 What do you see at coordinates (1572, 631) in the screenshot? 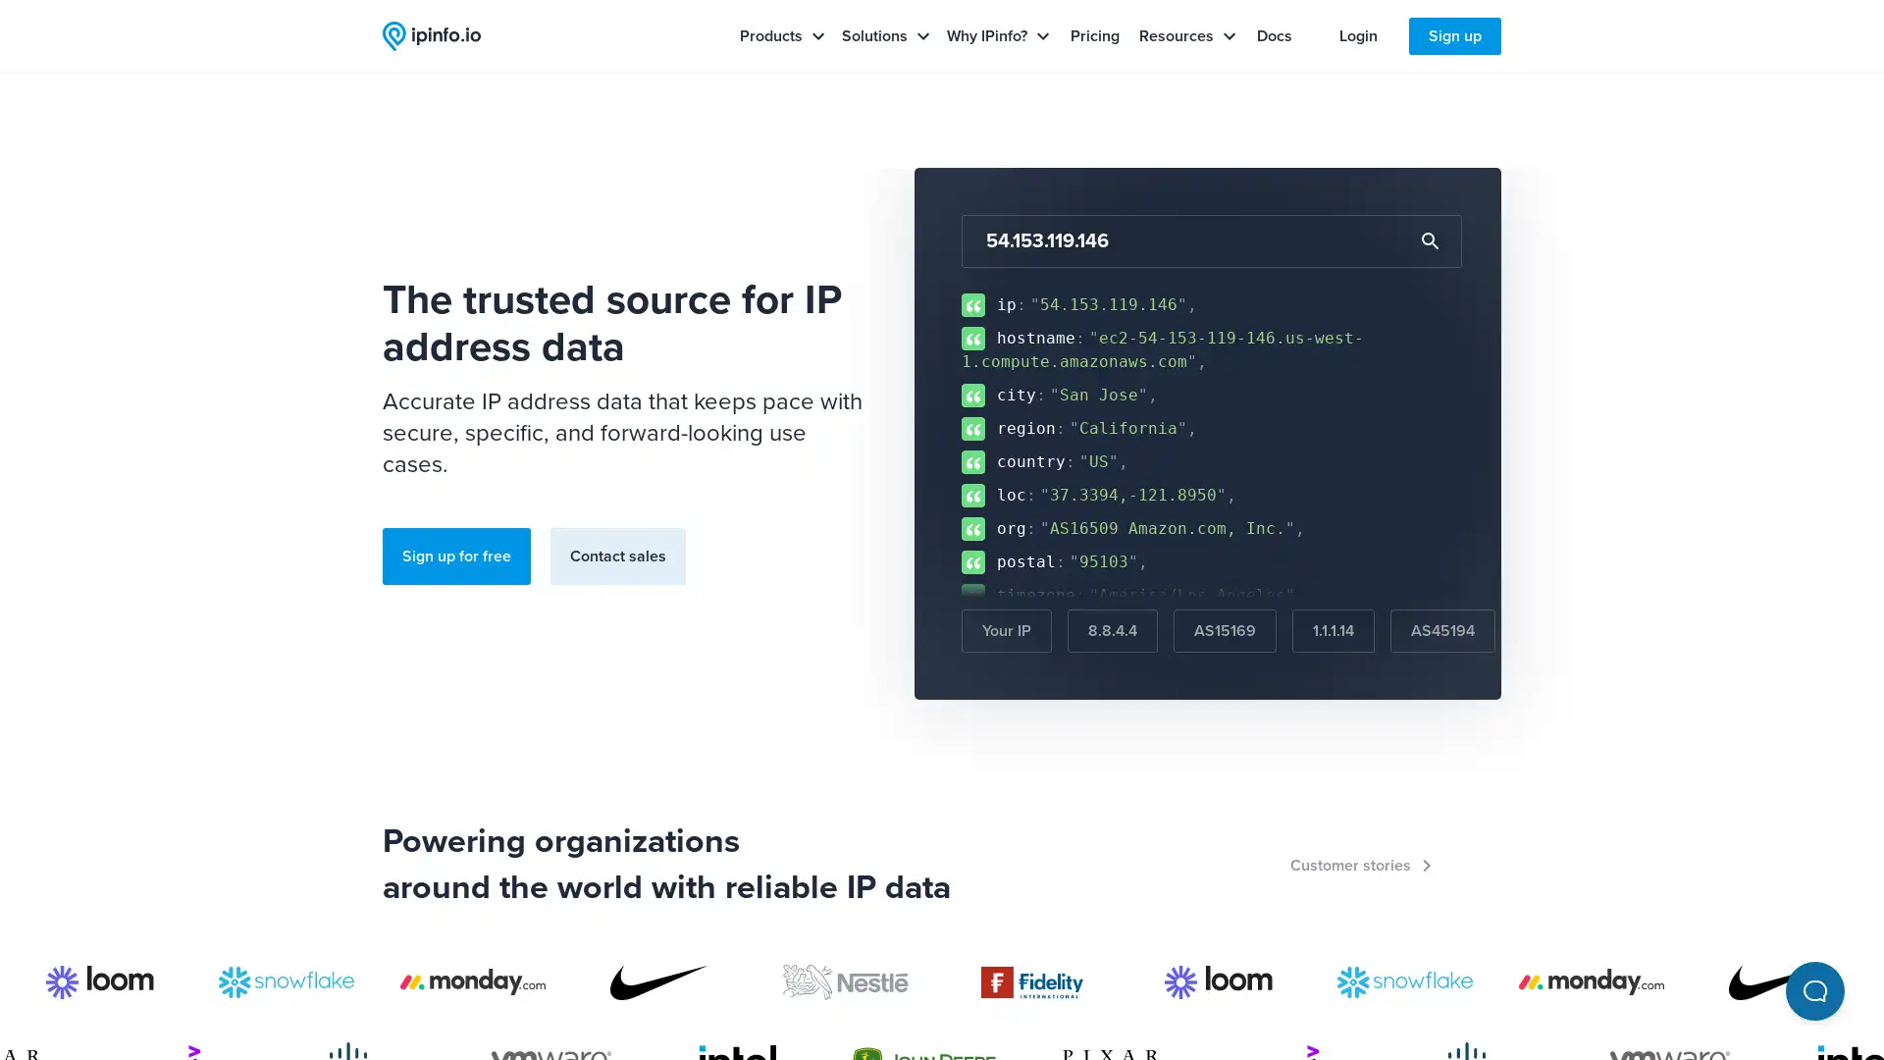
I see `68.87.41.40` at bounding box center [1572, 631].